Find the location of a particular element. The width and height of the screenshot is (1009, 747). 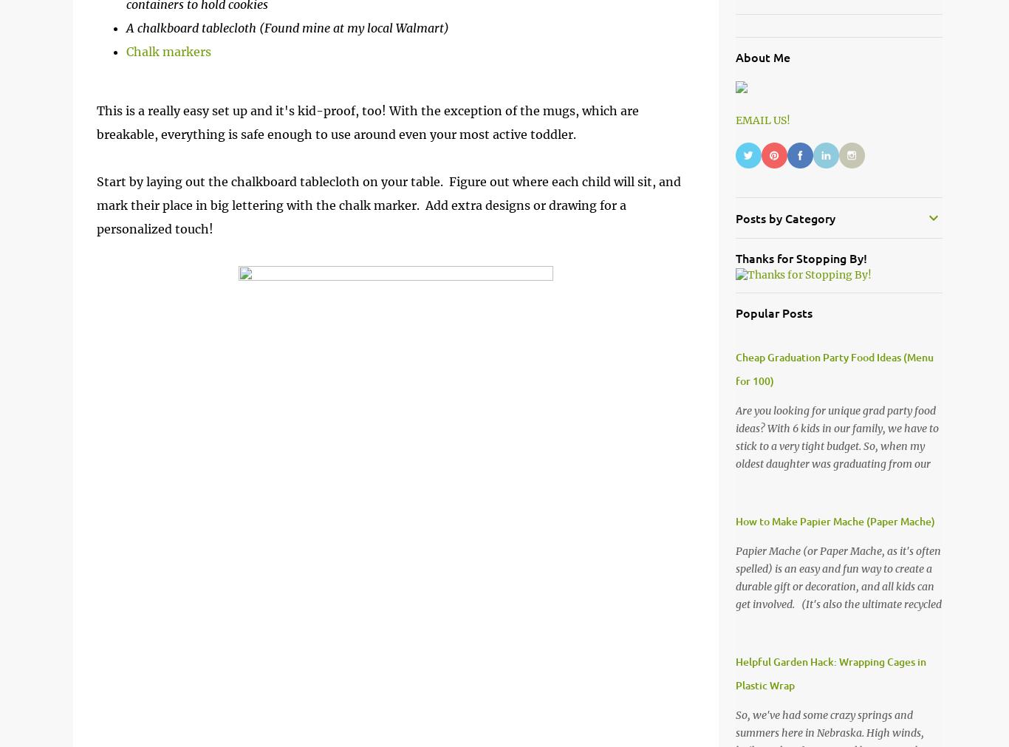

'Thanks for Stopping By!' is located at coordinates (800, 256).